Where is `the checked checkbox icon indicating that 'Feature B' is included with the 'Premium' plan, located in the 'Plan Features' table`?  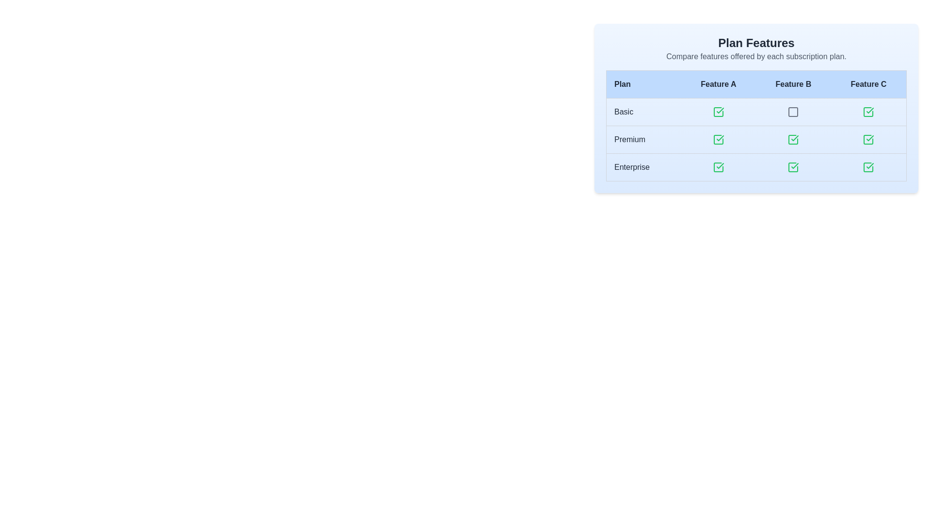
the checked checkbox icon indicating that 'Feature B' is included with the 'Premium' plan, located in the 'Plan Features' table is located at coordinates (793, 140).